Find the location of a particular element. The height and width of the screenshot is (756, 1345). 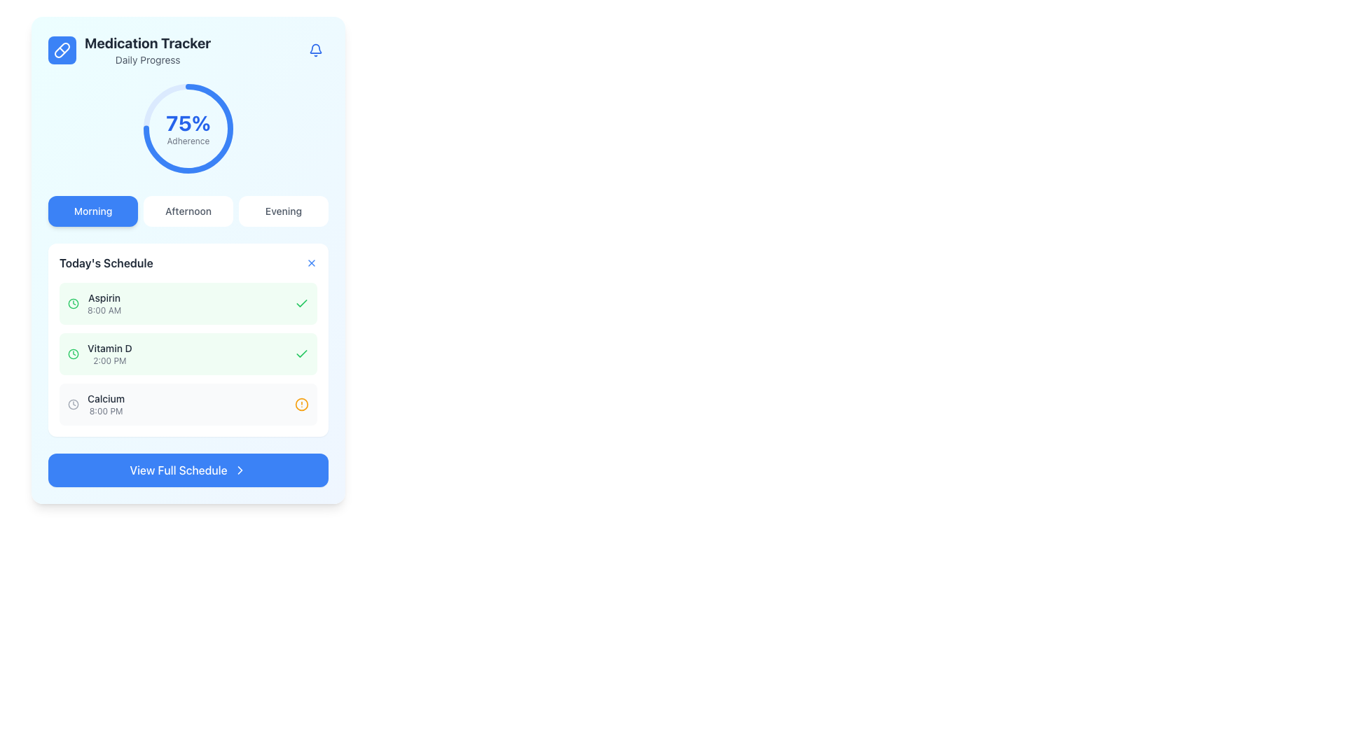

the 'Morning' button, which is a rectangular button with rounded corners, blue background, and white text, positioned at the top-left of three horizontal buttons is located at coordinates (92, 211).